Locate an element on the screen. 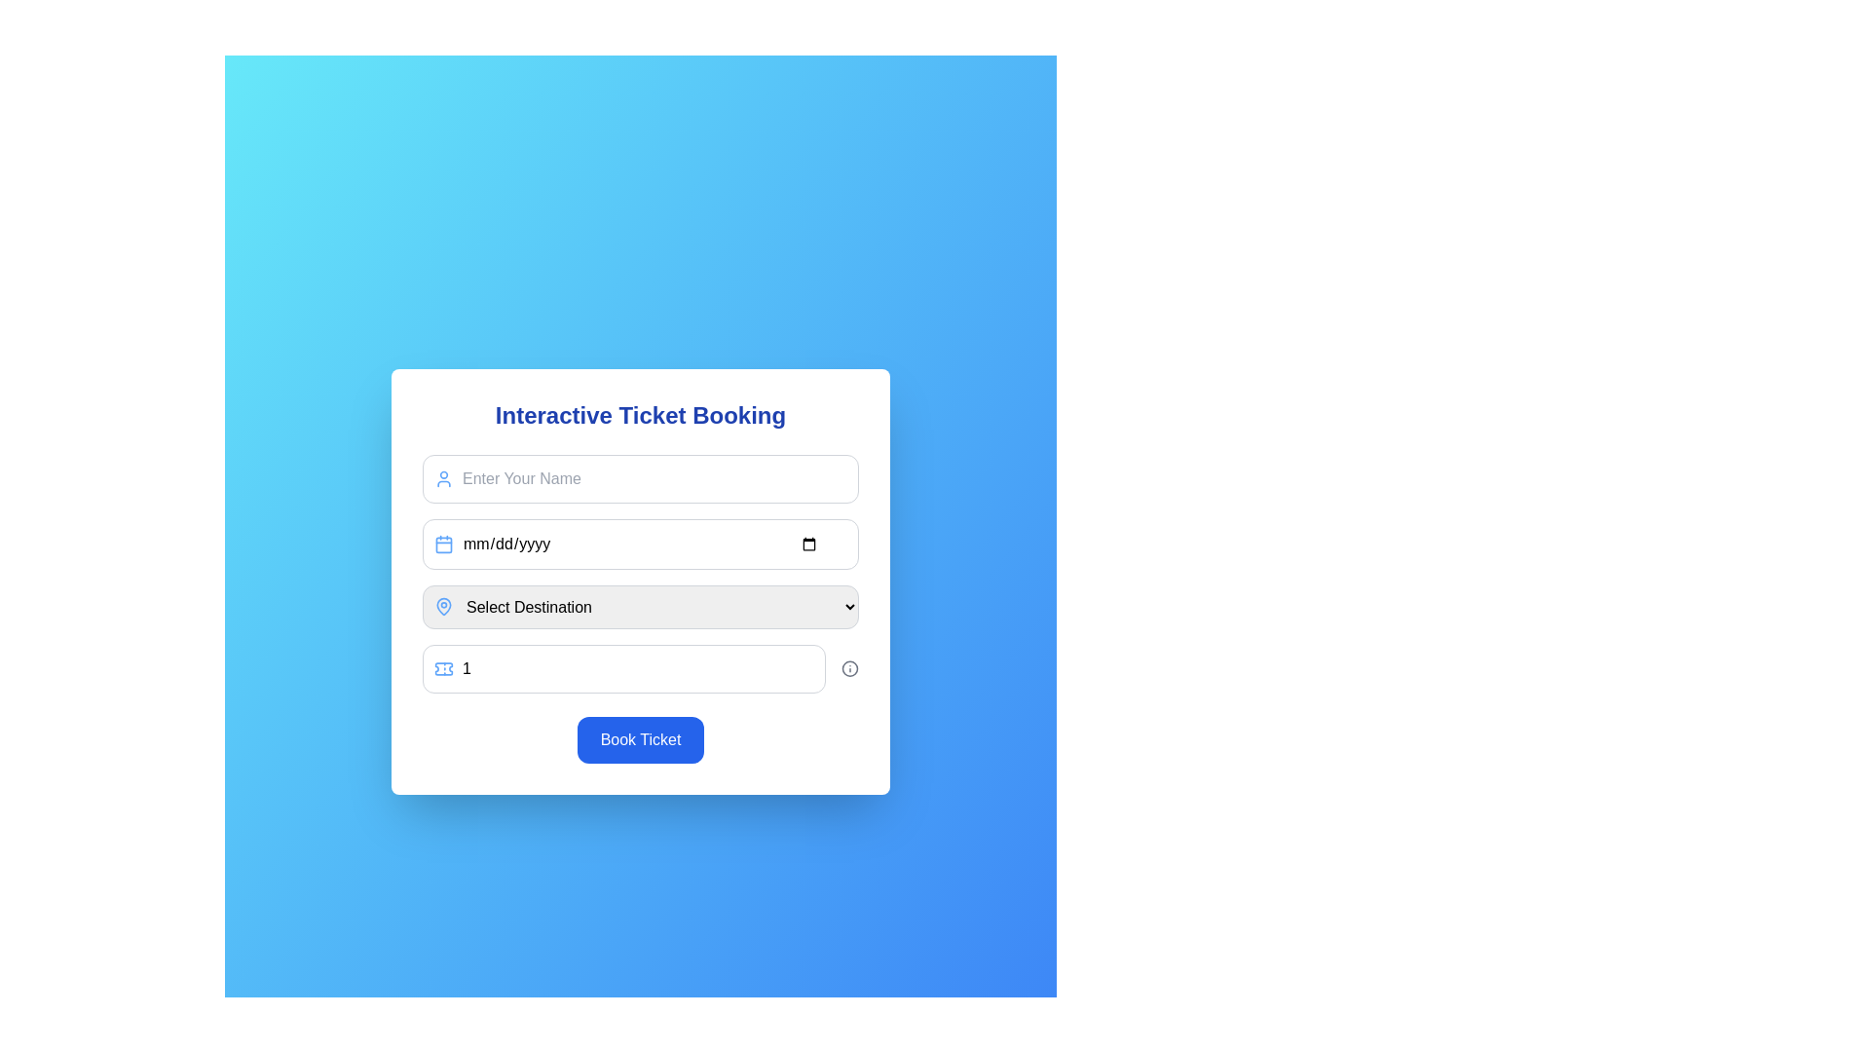 Image resolution: width=1870 pixels, height=1052 pixels. the heading that serves as the title or label for the form section, located at the top of the form and positioned directly above the inputs and labels is located at coordinates (640, 413).